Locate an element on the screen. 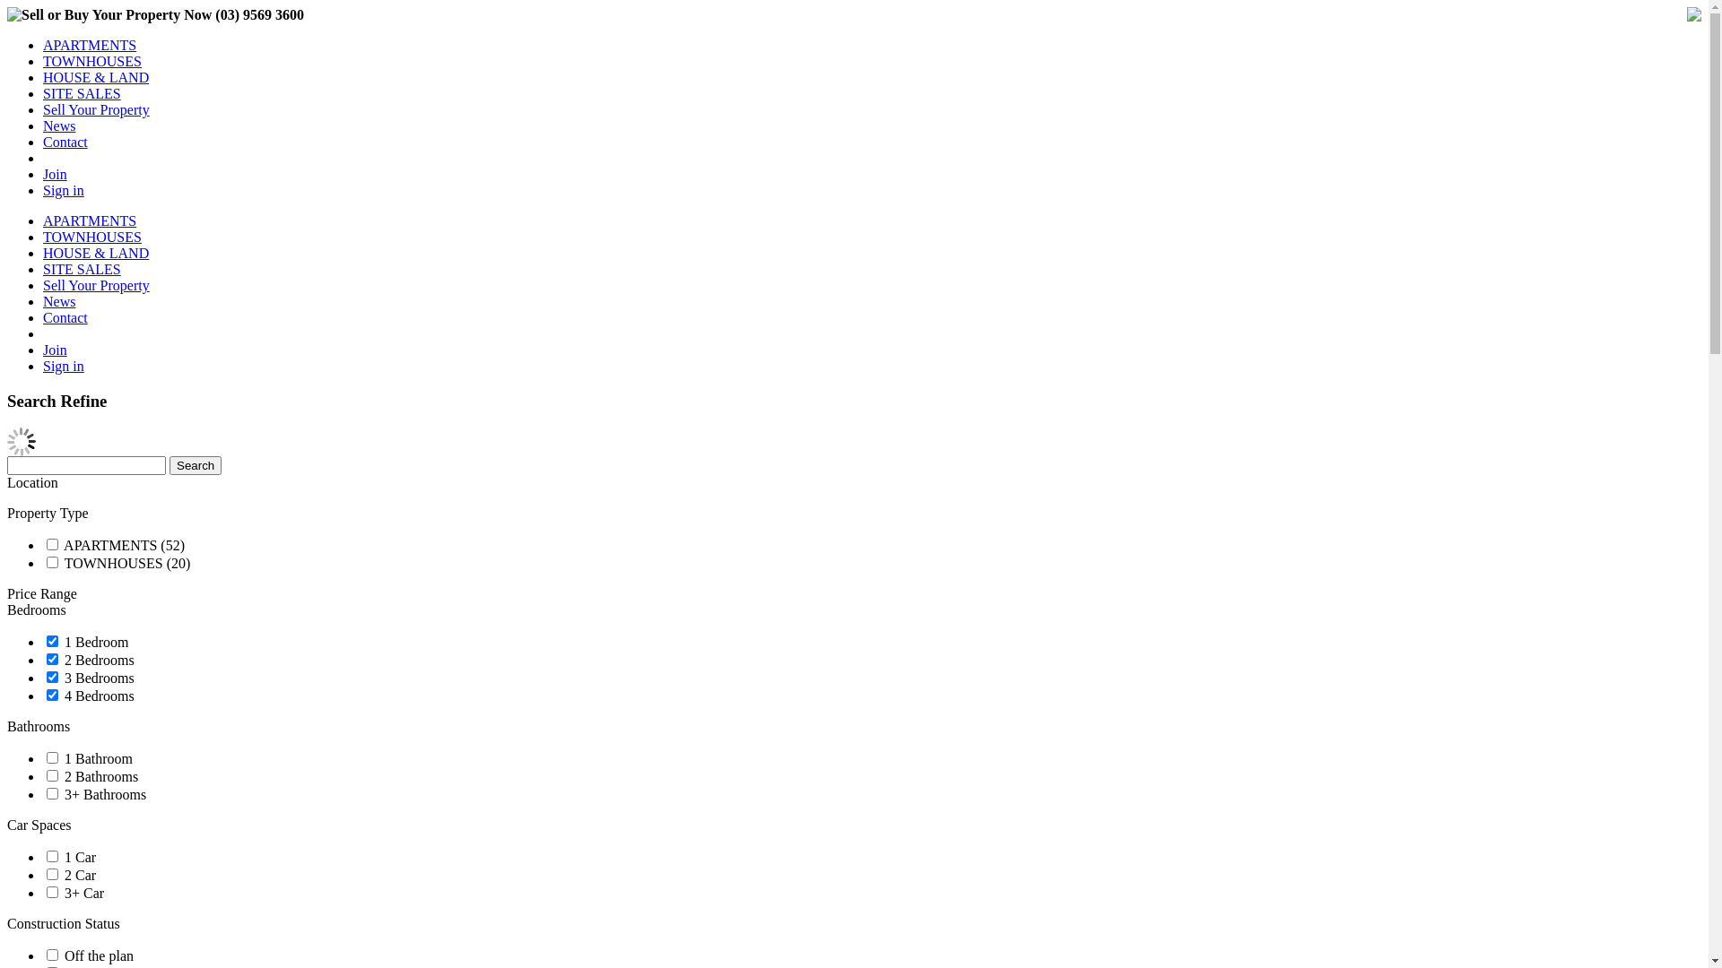  'APARTMENTS' is located at coordinates (43, 220).